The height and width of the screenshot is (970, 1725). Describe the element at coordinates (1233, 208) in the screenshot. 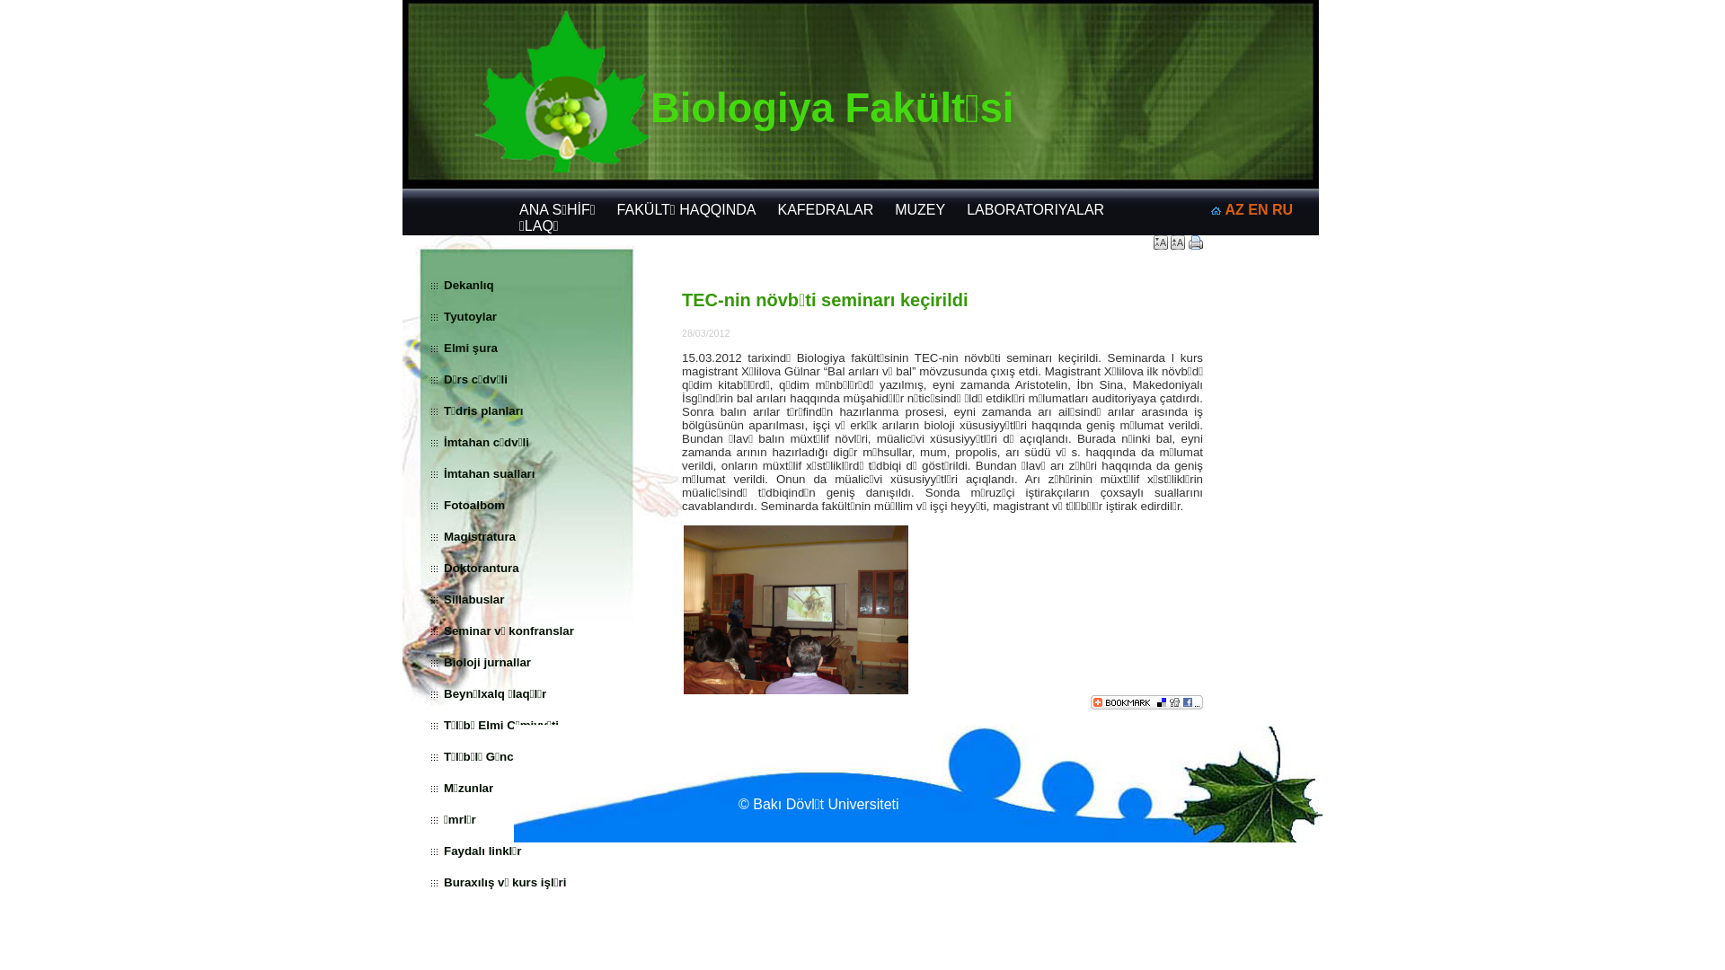

I see `'AZ'` at that location.